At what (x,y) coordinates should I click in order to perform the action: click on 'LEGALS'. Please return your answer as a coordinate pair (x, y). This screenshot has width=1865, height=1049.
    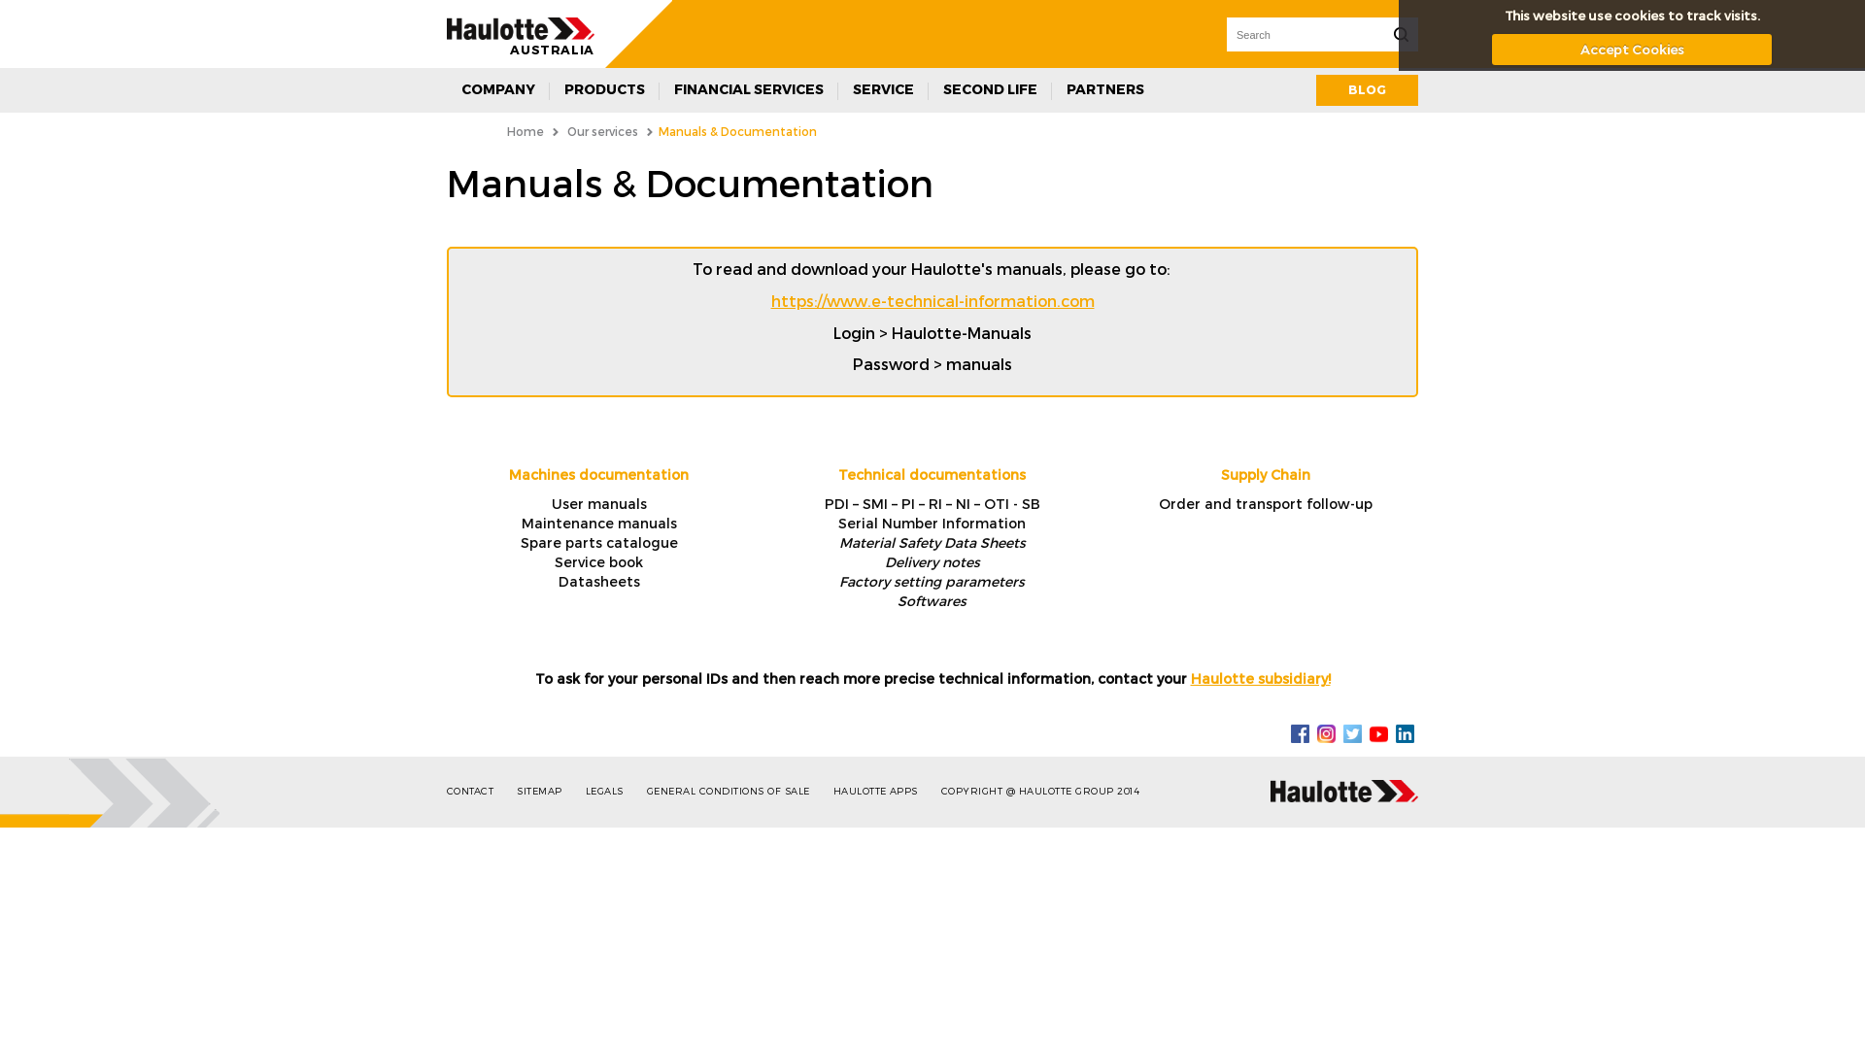
    Looking at the image, I should click on (613, 791).